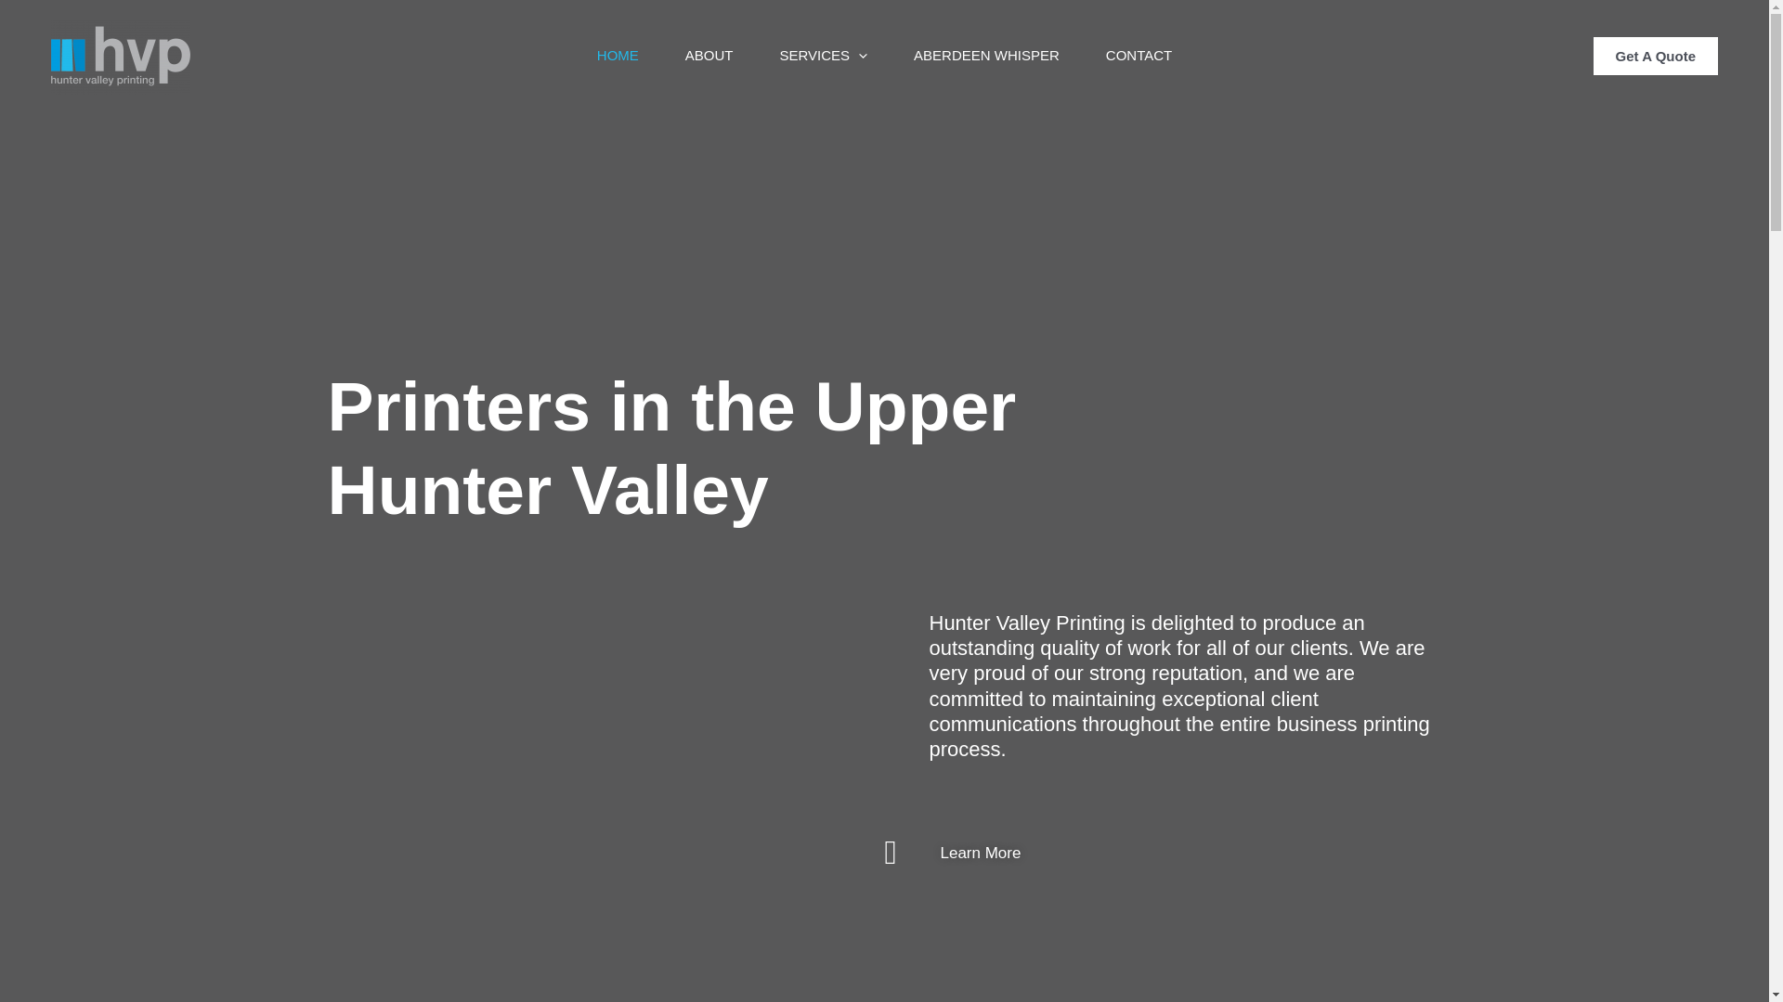  Describe the element at coordinates (985, 55) in the screenshot. I see `'ABERDEEN WHISPER'` at that location.